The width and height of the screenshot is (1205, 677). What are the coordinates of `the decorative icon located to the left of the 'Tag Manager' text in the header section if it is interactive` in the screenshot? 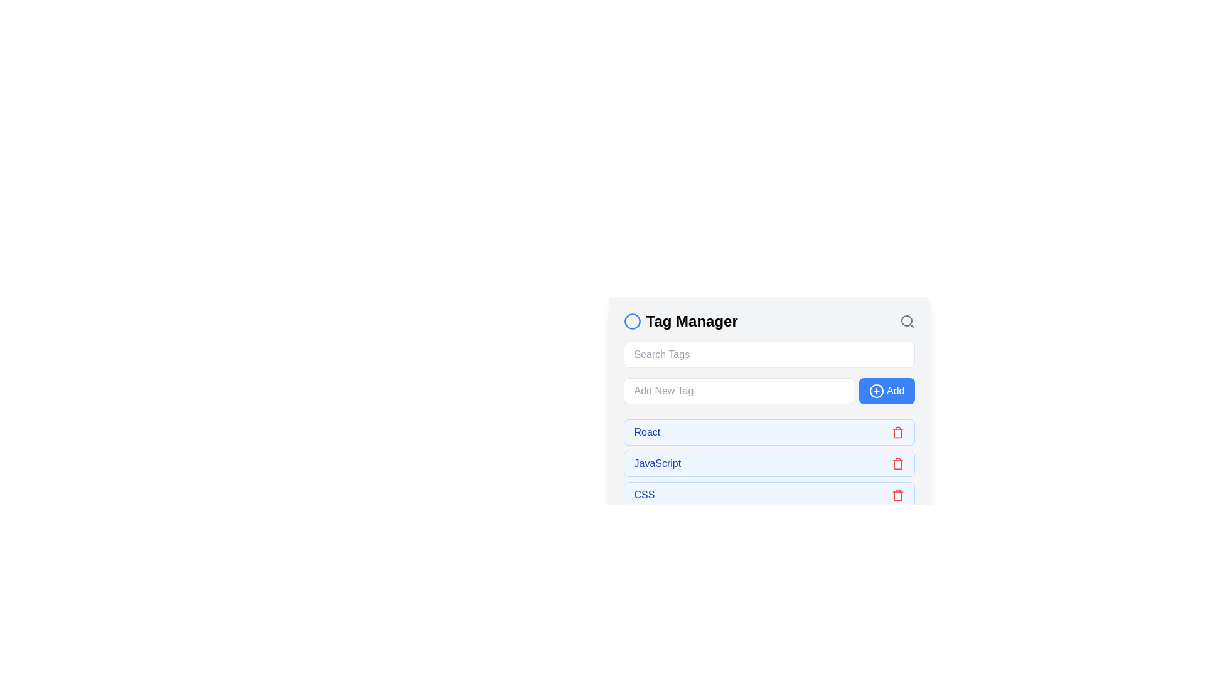 It's located at (632, 321).